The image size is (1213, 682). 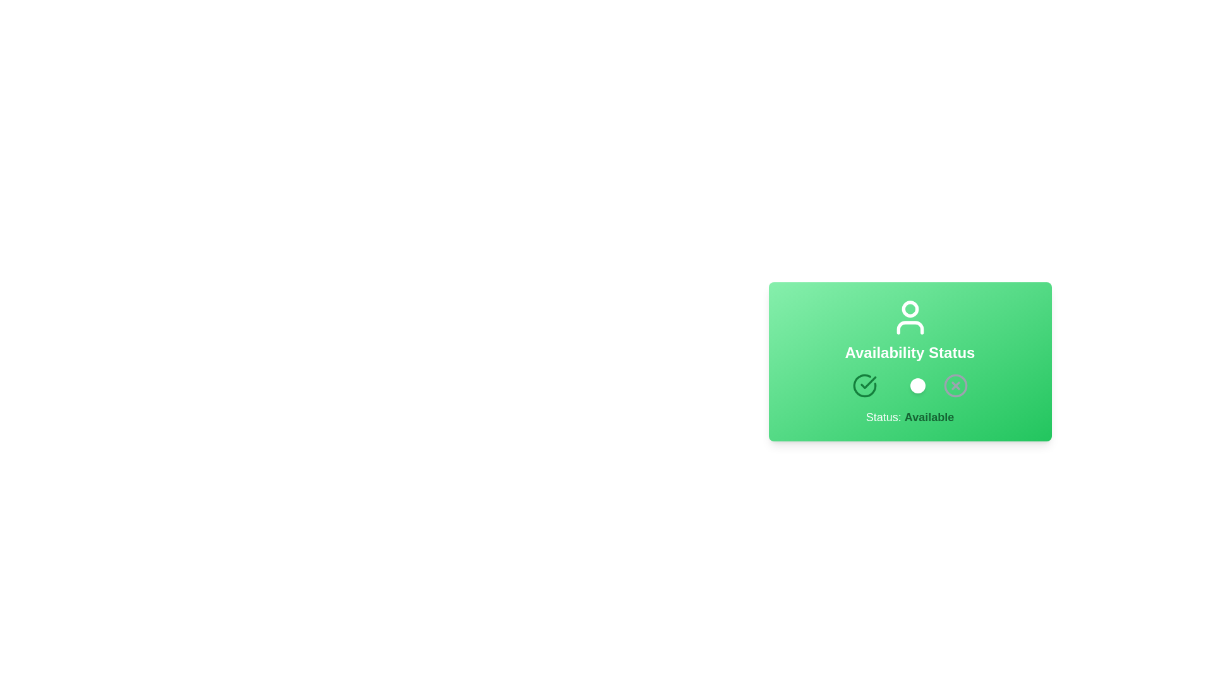 I want to click on the Toggle Switch in the 'Availability Status' card, so click(x=910, y=385).